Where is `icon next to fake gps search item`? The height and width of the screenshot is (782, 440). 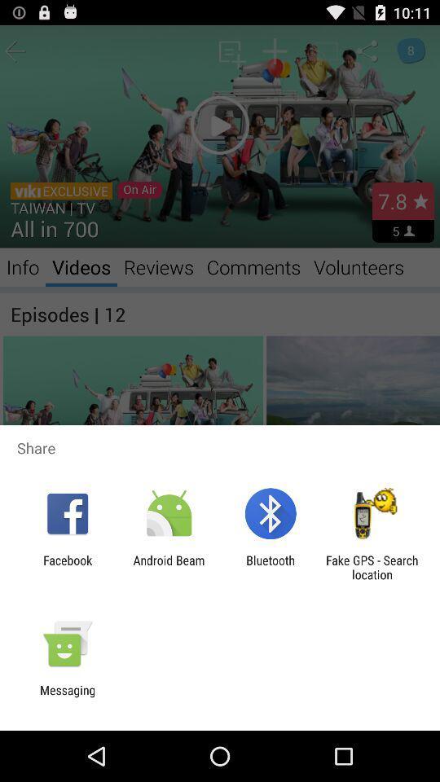
icon next to fake gps search item is located at coordinates (271, 567).